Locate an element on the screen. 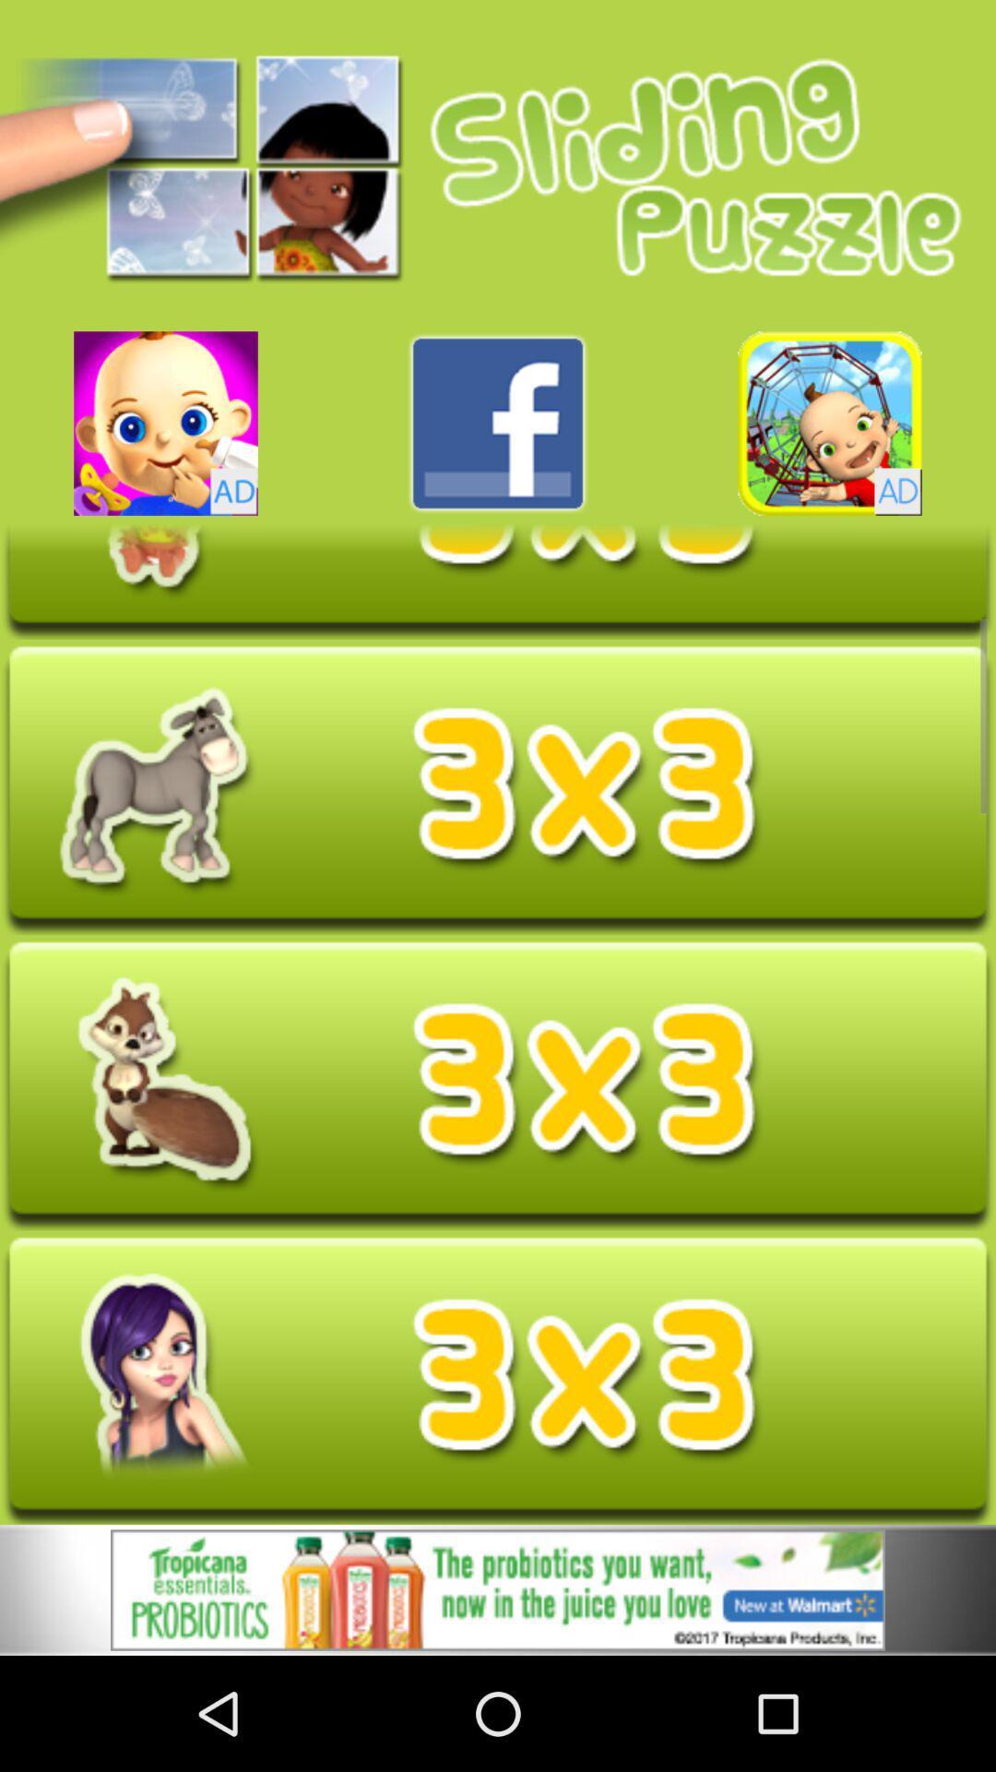 The height and width of the screenshot is (1772, 996). puzzle is located at coordinates (498, 789).